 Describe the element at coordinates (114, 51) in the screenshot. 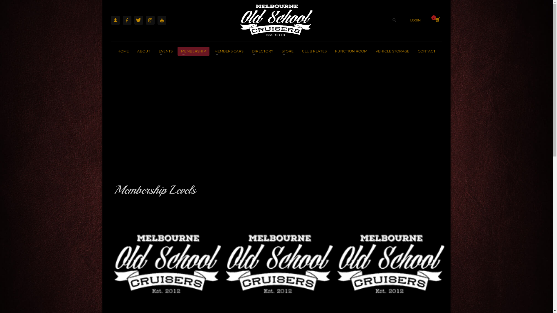

I see `'HOME'` at that location.